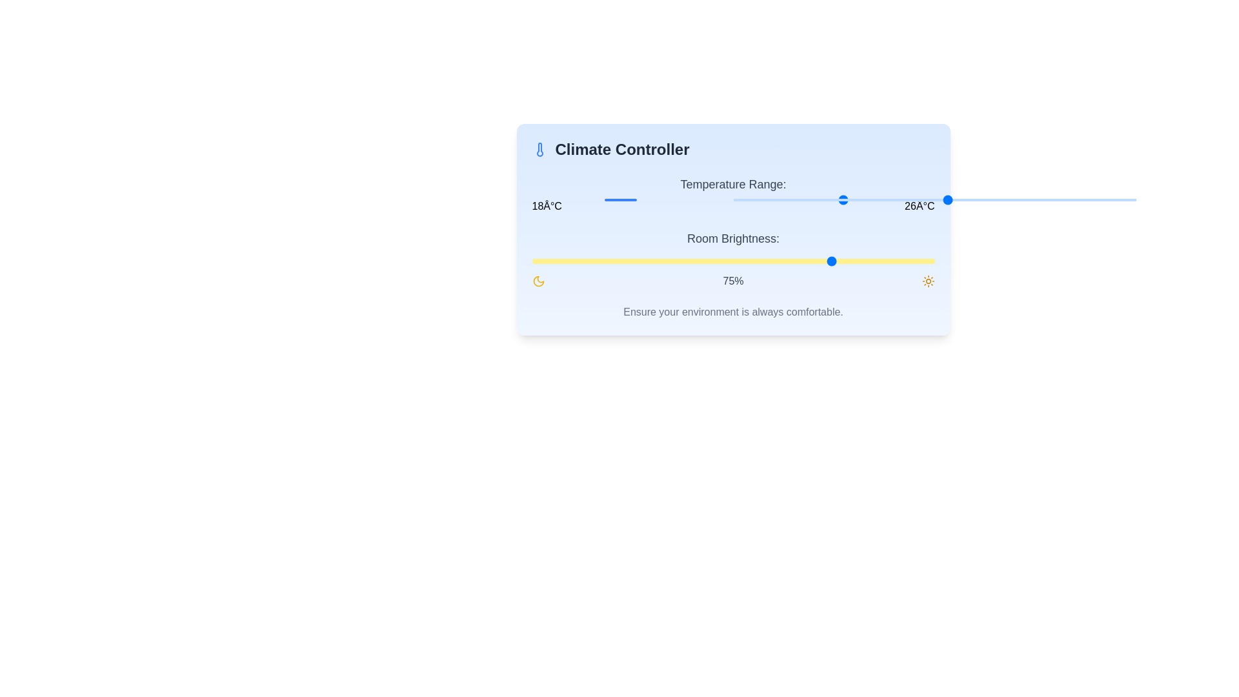 This screenshot has height=697, width=1239. What do you see at coordinates (830, 261) in the screenshot?
I see `the room brightness` at bounding box center [830, 261].